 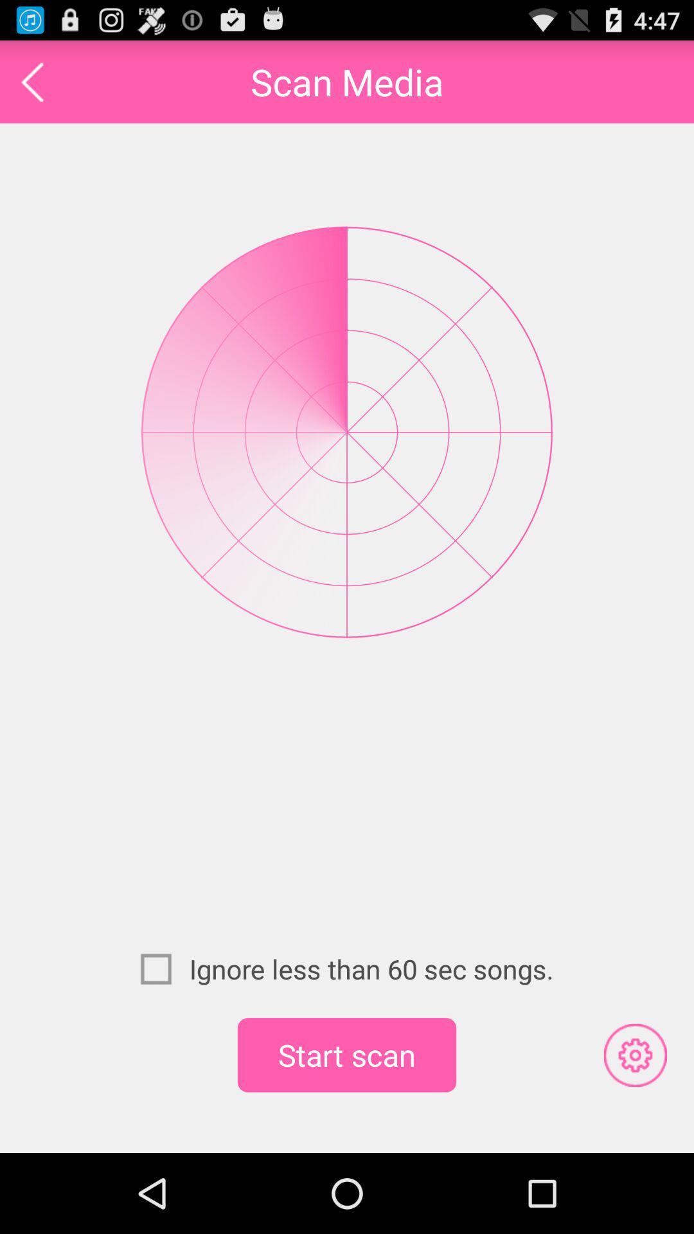 I want to click on the settings icon, so click(x=634, y=1128).